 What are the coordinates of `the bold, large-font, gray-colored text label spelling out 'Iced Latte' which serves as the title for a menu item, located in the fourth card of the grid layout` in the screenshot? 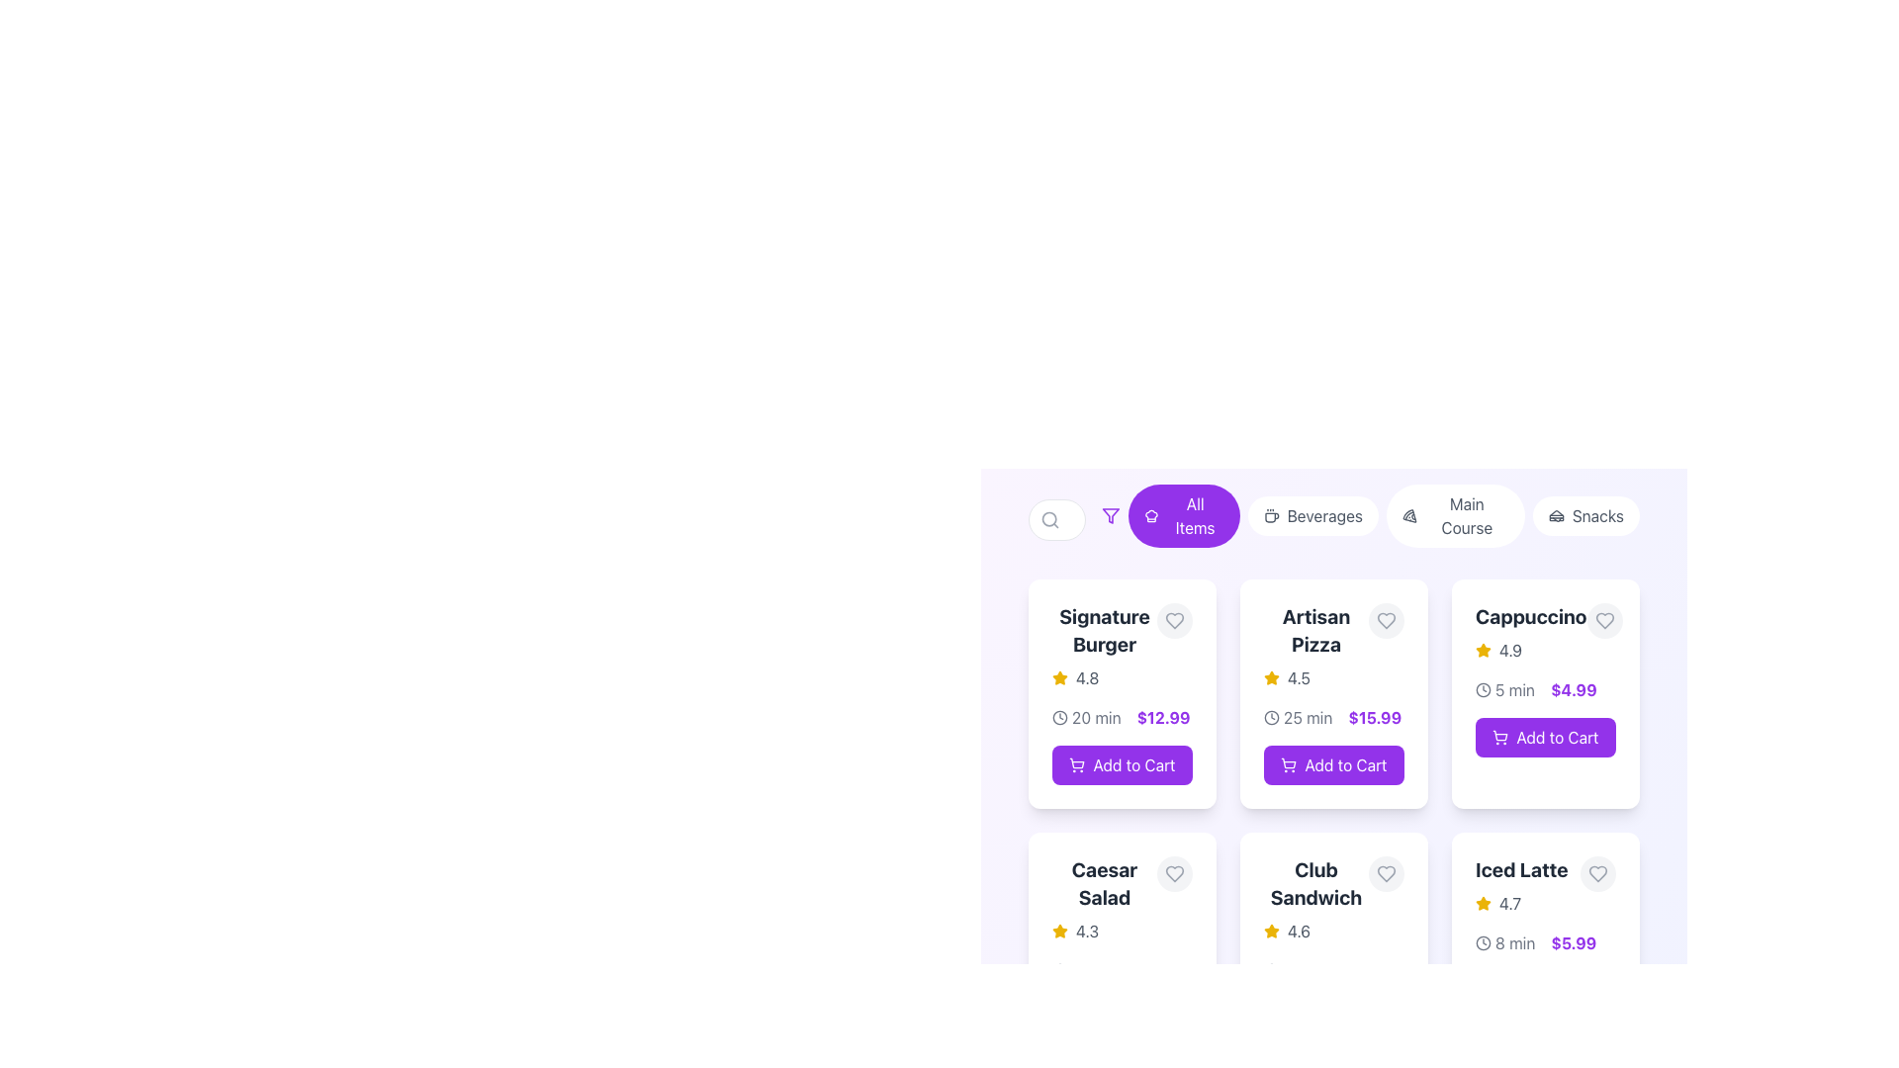 It's located at (1520, 868).